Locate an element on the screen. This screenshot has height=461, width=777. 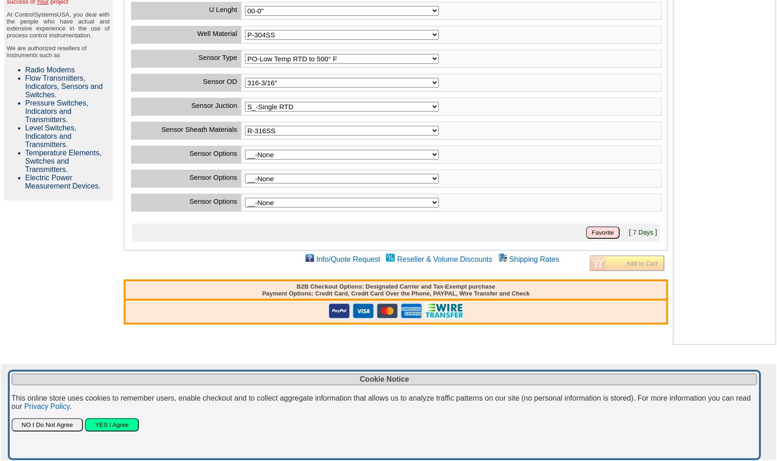
'Pressure Switches, Indicators and Transmitters.' is located at coordinates (56, 111).